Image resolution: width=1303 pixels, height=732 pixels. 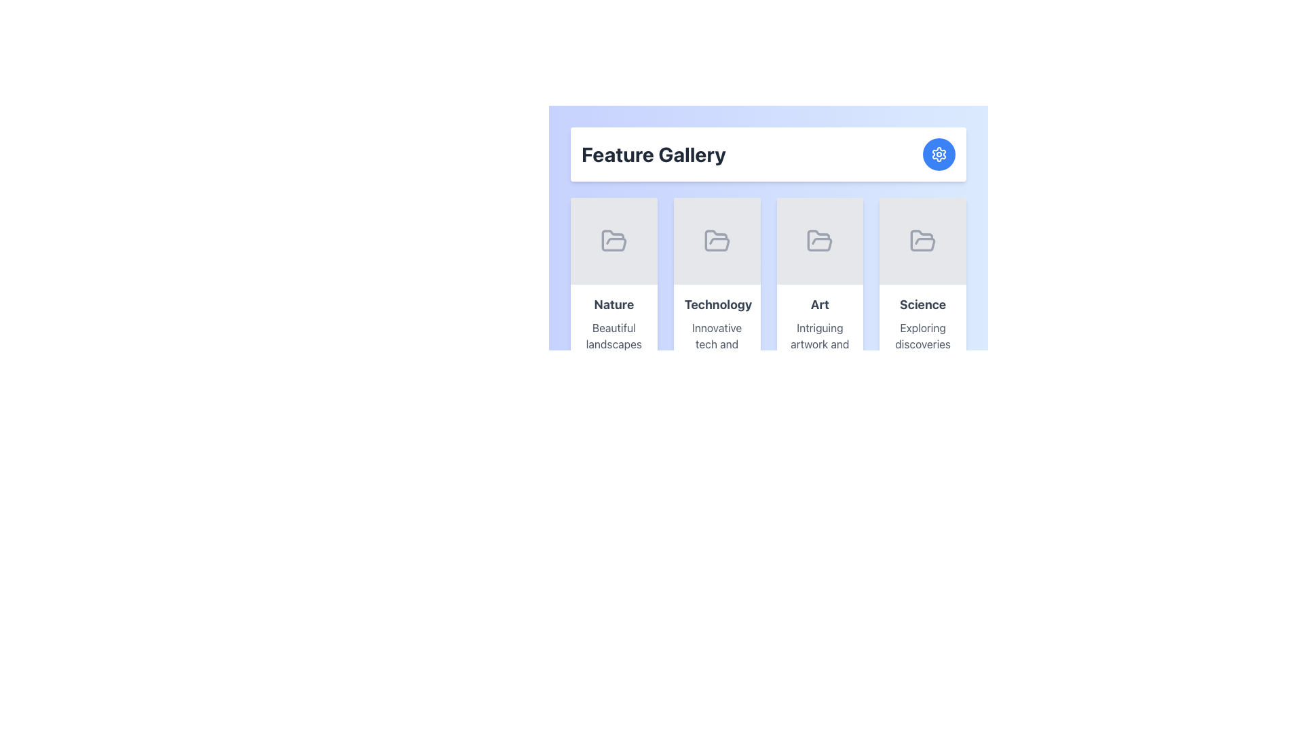 I want to click on the gray, stylized folder icon located in the fourth column under the 'Science' section, positioned beneath the 'Feature Gallery' heading, so click(x=922, y=239).